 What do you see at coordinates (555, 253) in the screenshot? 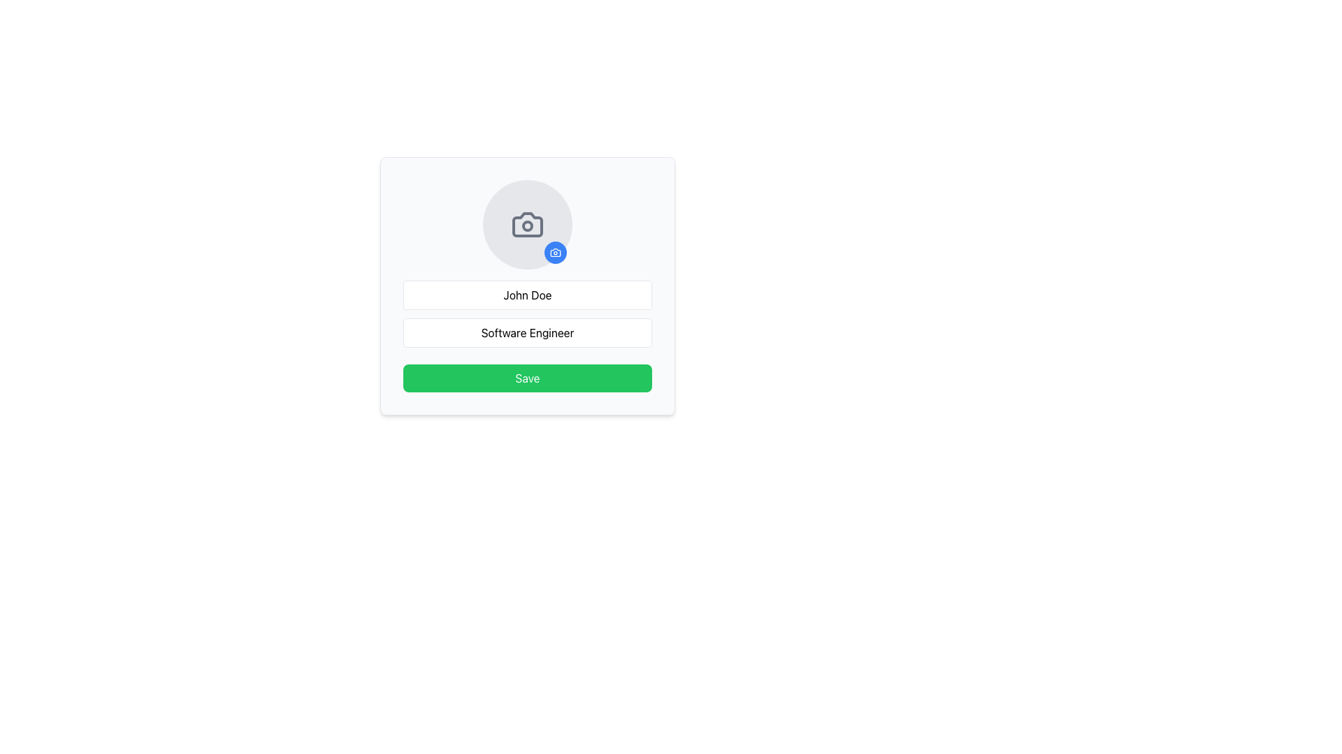
I see `the photography icon located at the top center of the card interface, which is slightly below a light gray avatar background` at bounding box center [555, 253].